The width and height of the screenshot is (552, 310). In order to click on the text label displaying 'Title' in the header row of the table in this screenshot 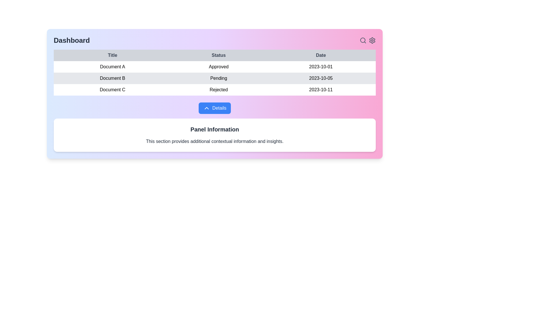, I will do `click(112, 55)`.